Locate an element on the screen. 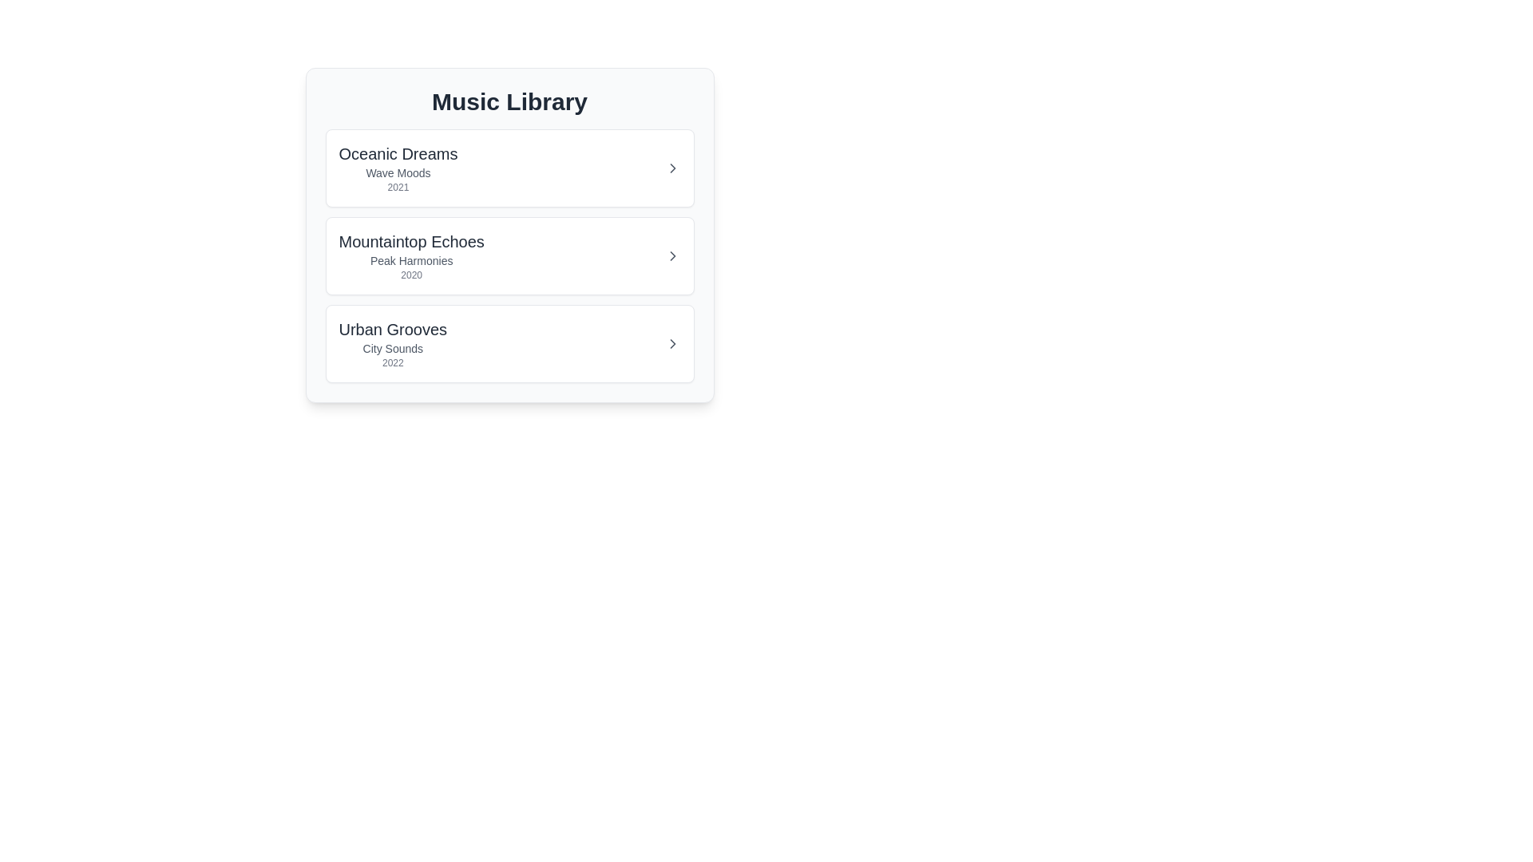 The height and width of the screenshot is (862, 1533). expand button for the album item with the name Mountaintop Echoes is located at coordinates (672, 255).